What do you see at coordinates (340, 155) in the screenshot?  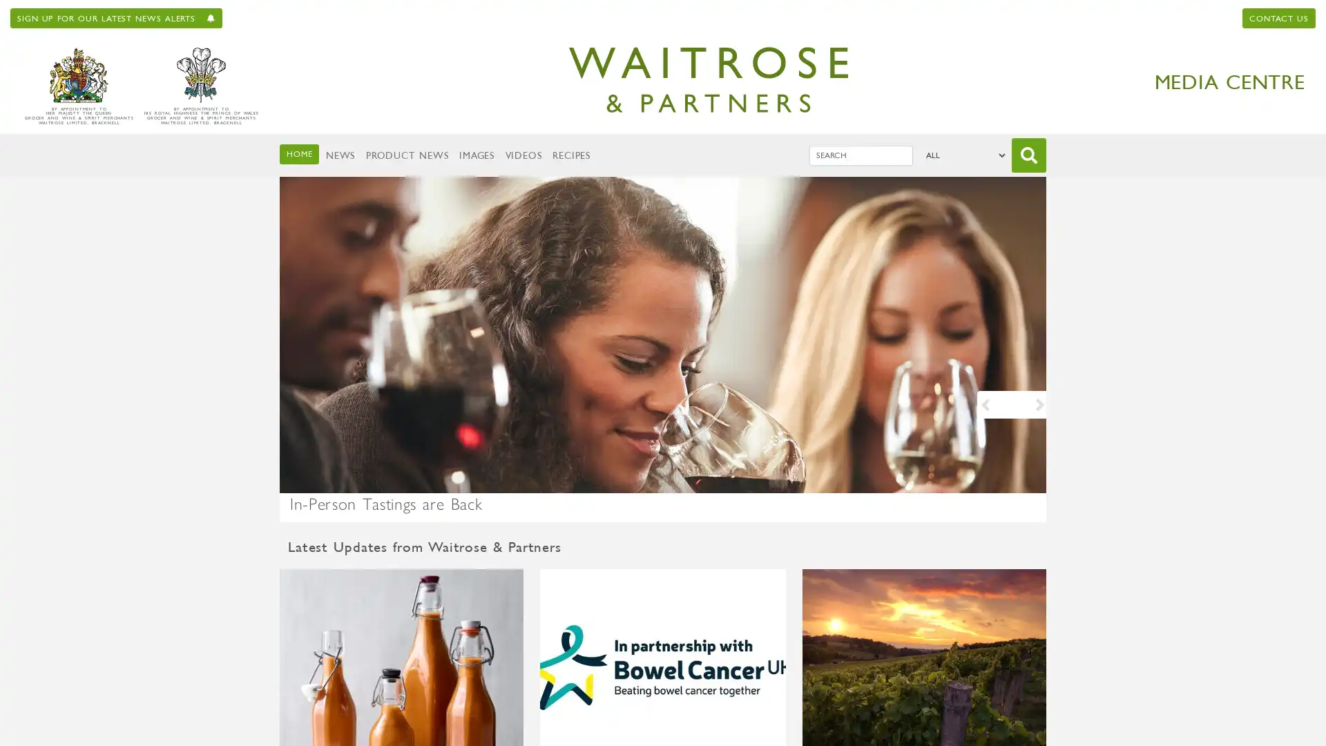 I see `NEWS` at bounding box center [340, 155].